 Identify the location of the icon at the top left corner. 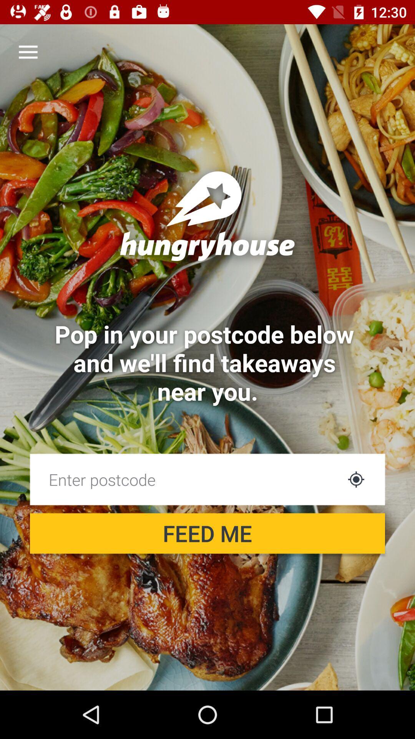
(28, 52).